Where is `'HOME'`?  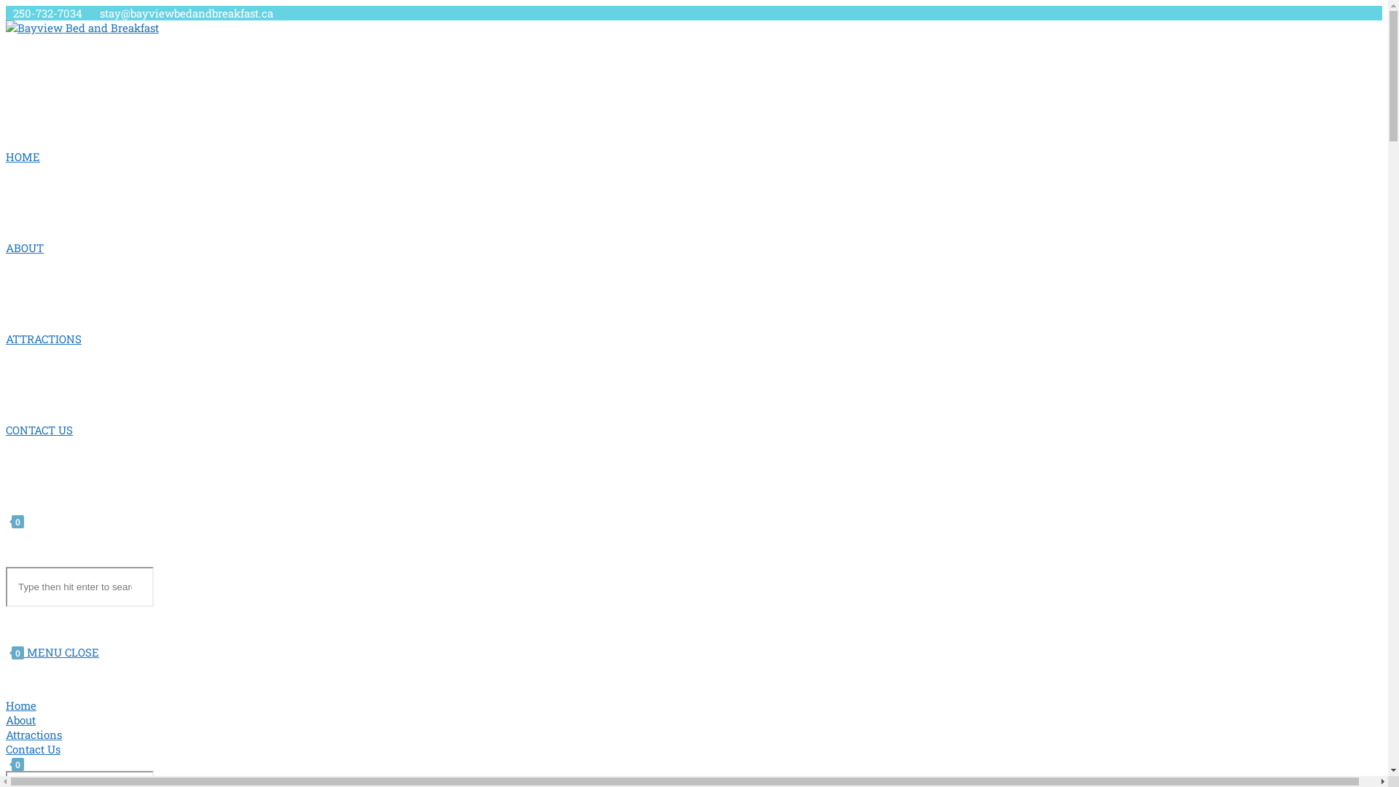
'HOME' is located at coordinates (23, 157).